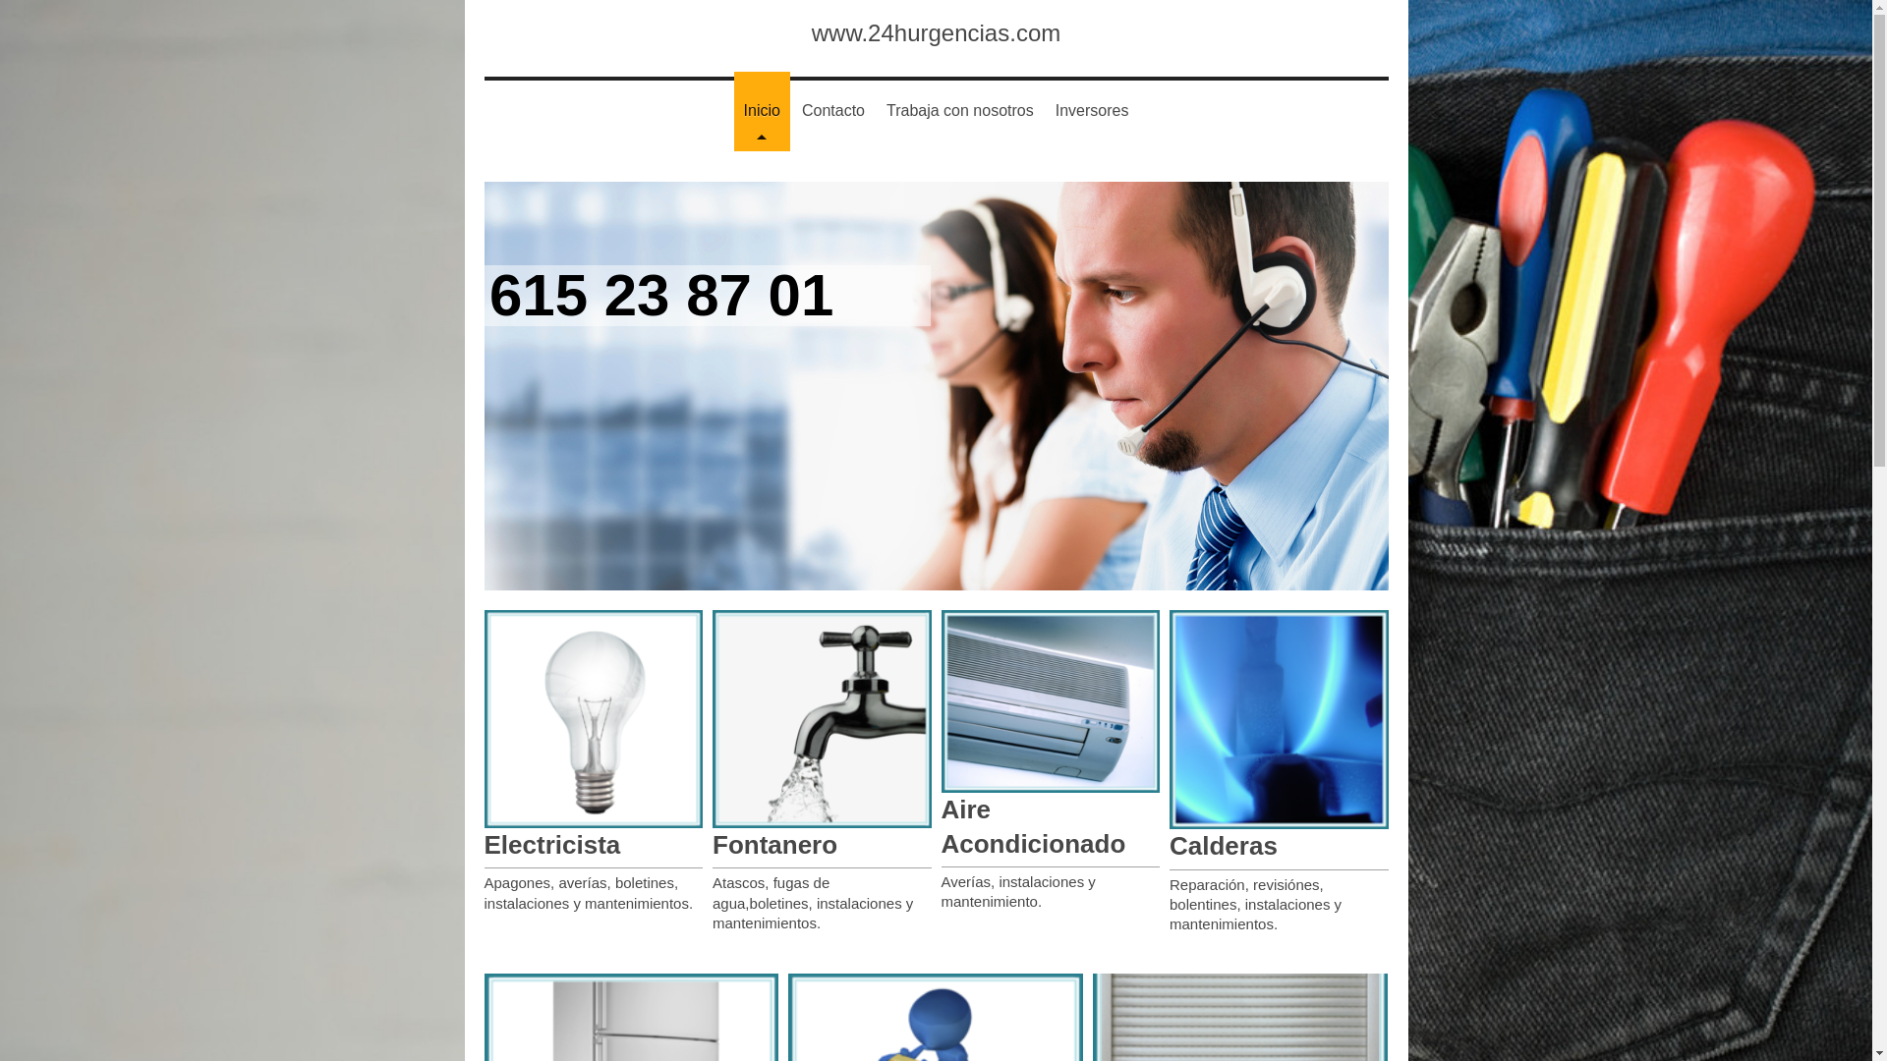 Image resolution: width=1887 pixels, height=1061 pixels. I want to click on 'www.24hurgencias.com', so click(935, 32).